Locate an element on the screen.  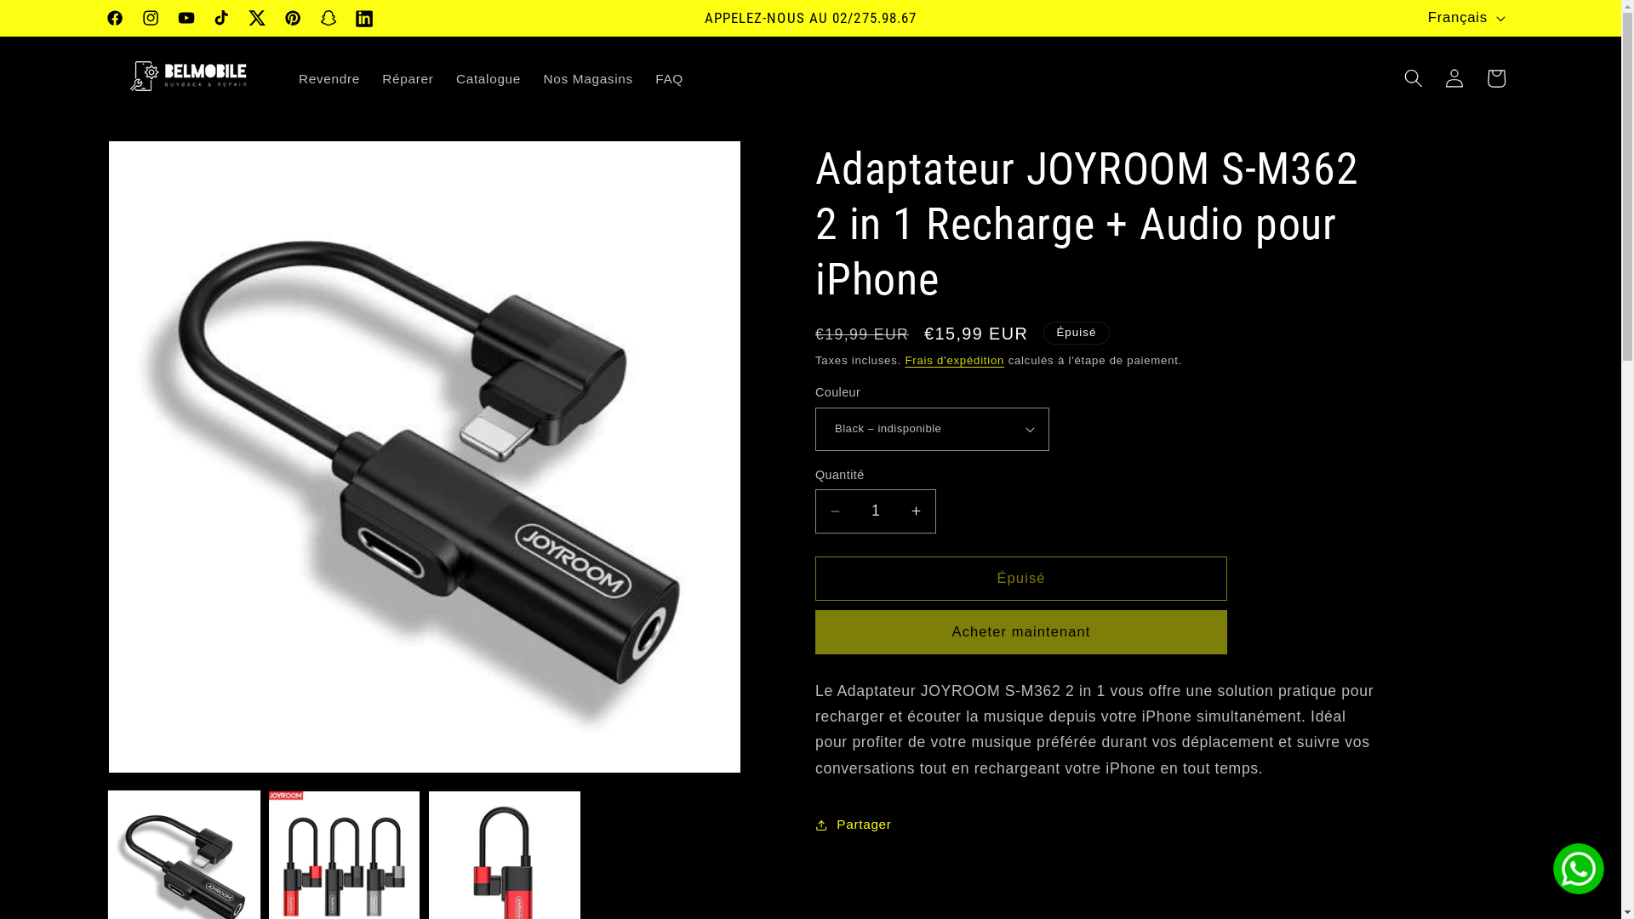
'TikTok' is located at coordinates (204, 19).